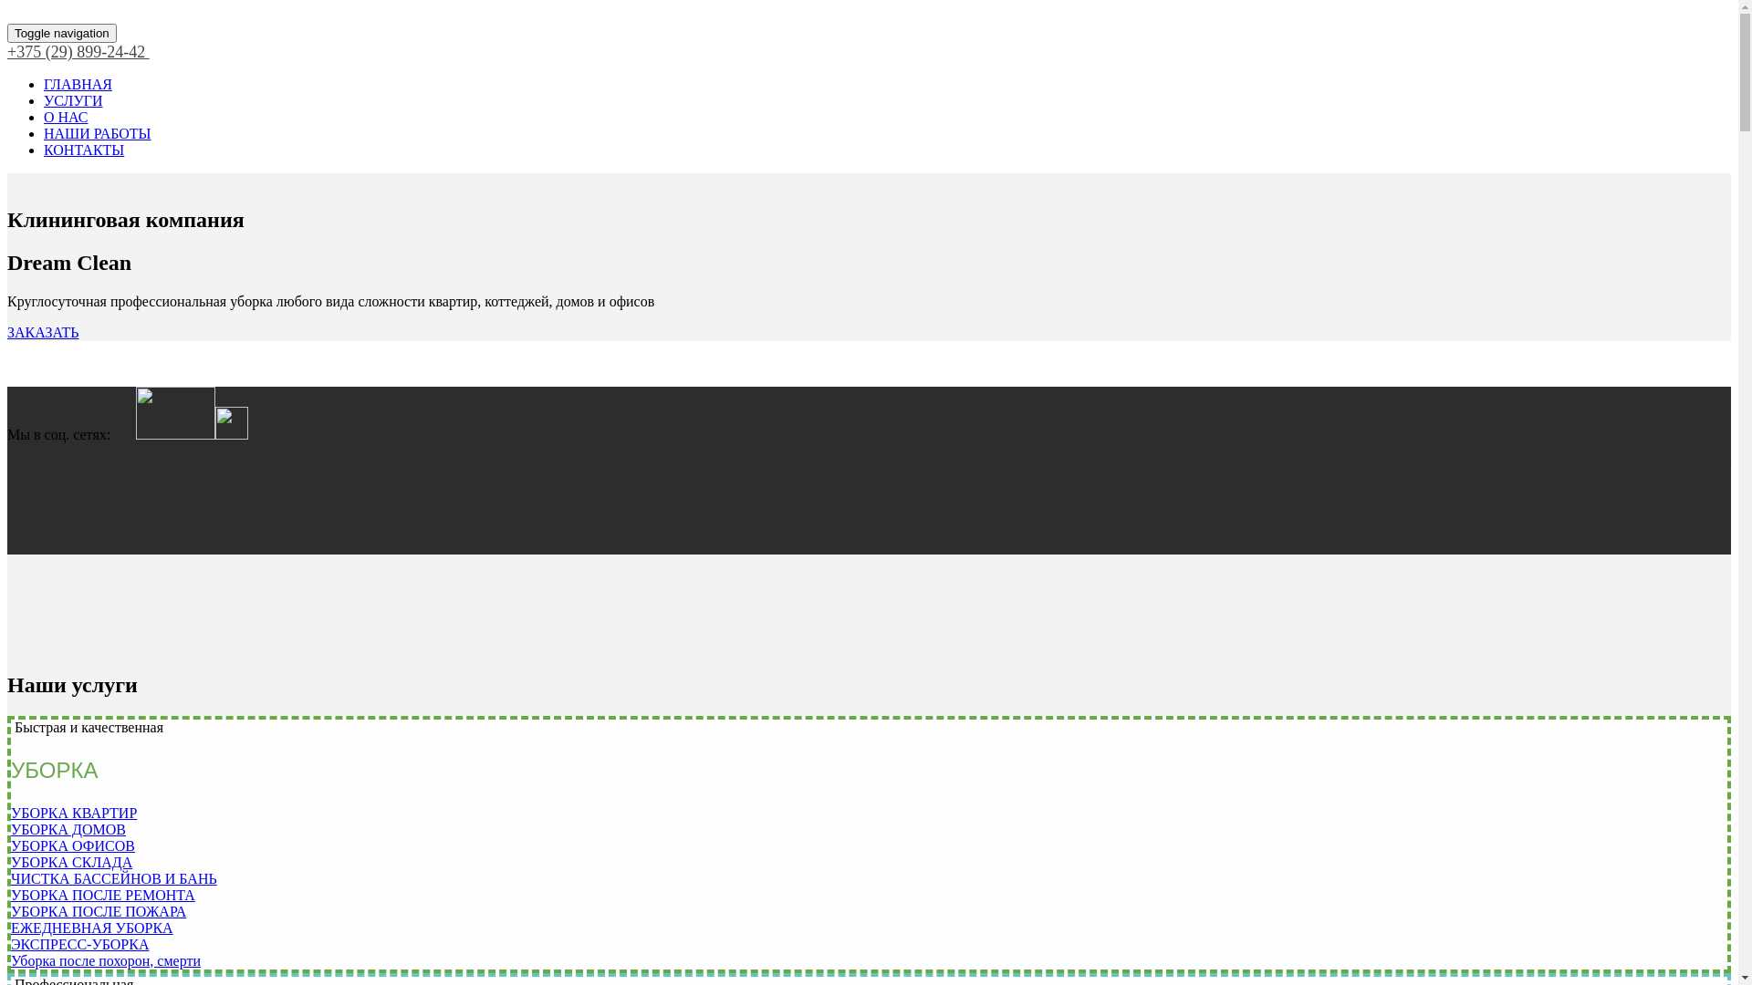 This screenshot has width=1752, height=985. Describe the element at coordinates (7, 33) in the screenshot. I see `'Toggle navigation'` at that location.